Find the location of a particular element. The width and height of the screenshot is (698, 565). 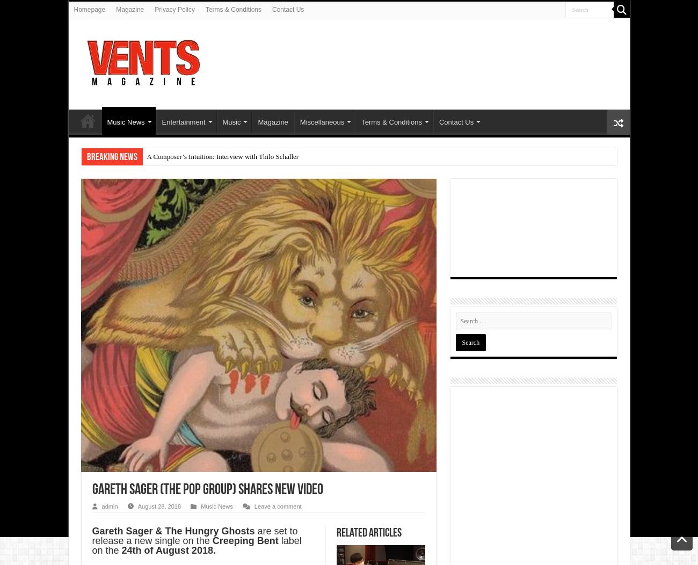

'August 28, 2018' is located at coordinates (159, 506).